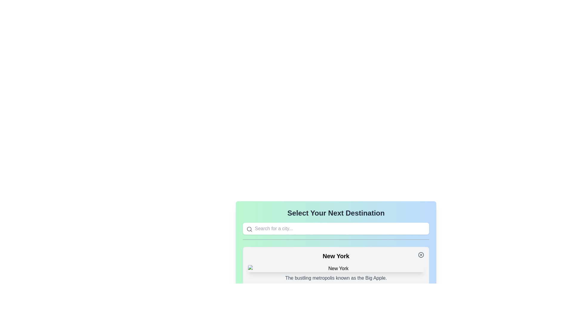 The height and width of the screenshot is (322, 573). What do you see at coordinates (336, 269) in the screenshot?
I see `the image with alternative text 'New York', which is styled with rounded corners and shadow, to show options` at bounding box center [336, 269].